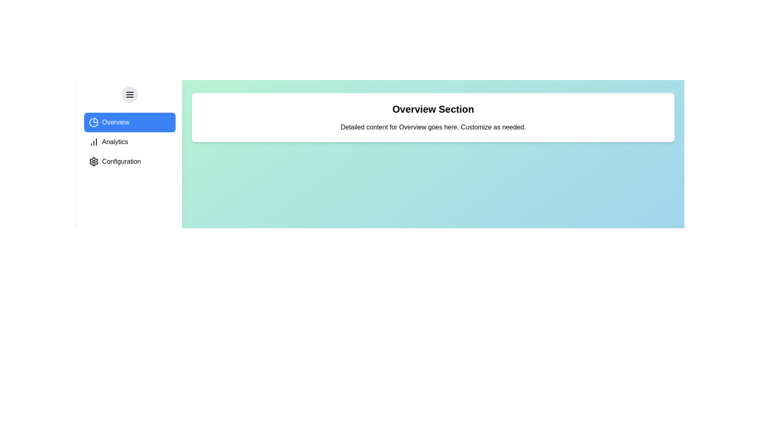  I want to click on the Overview section from the sidebar menu, so click(129, 122).